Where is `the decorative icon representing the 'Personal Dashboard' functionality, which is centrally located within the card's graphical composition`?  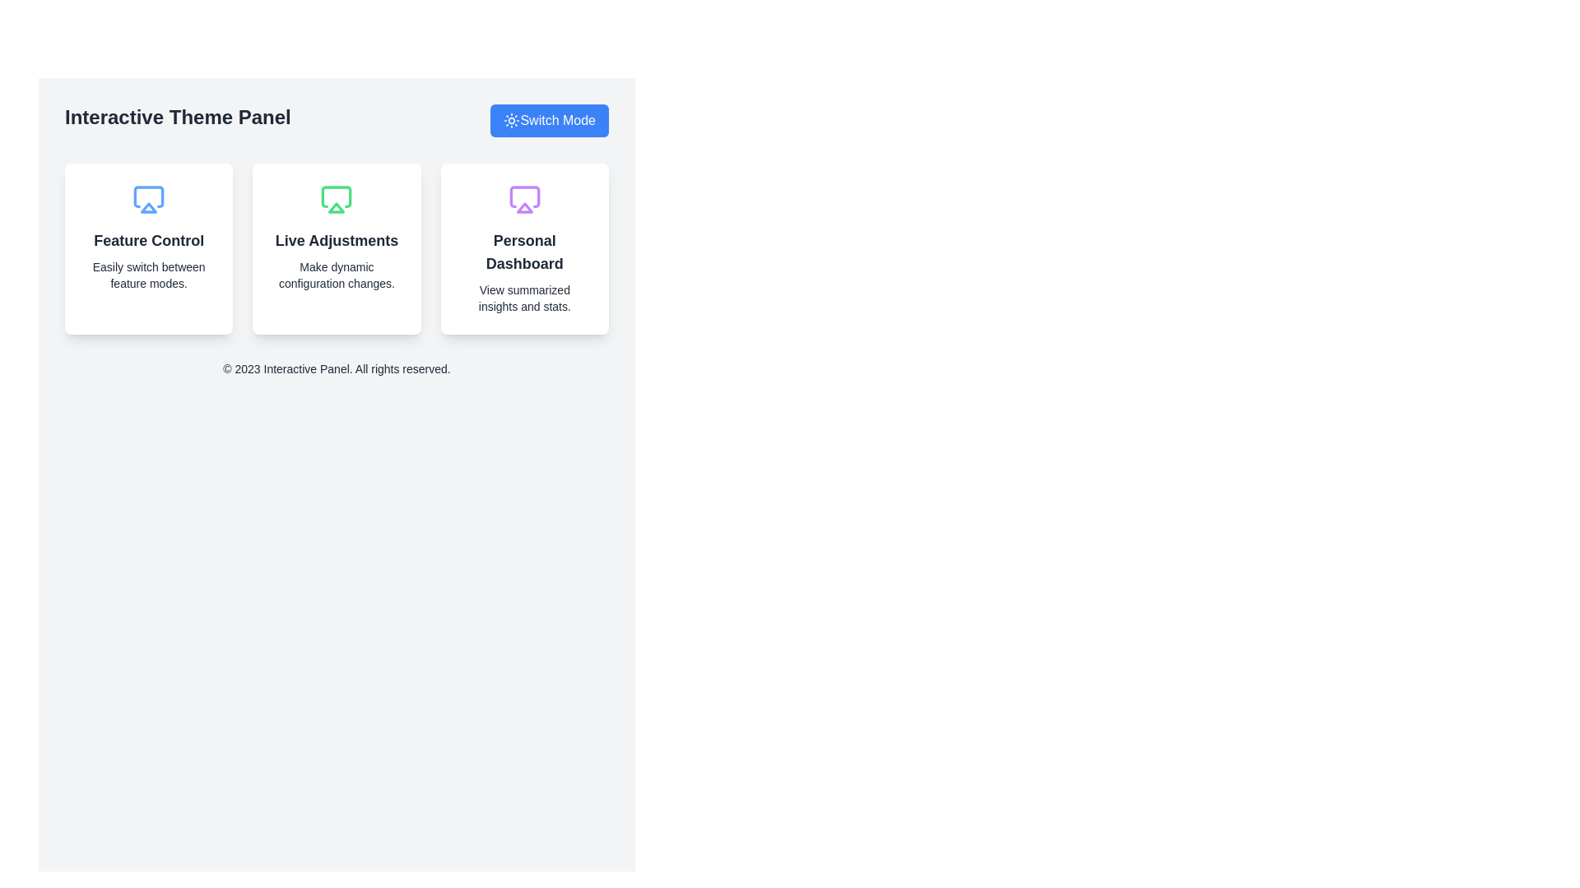
the decorative icon representing the 'Personal Dashboard' functionality, which is centrally located within the card's graphical composition is located at coordinates (523, 207).